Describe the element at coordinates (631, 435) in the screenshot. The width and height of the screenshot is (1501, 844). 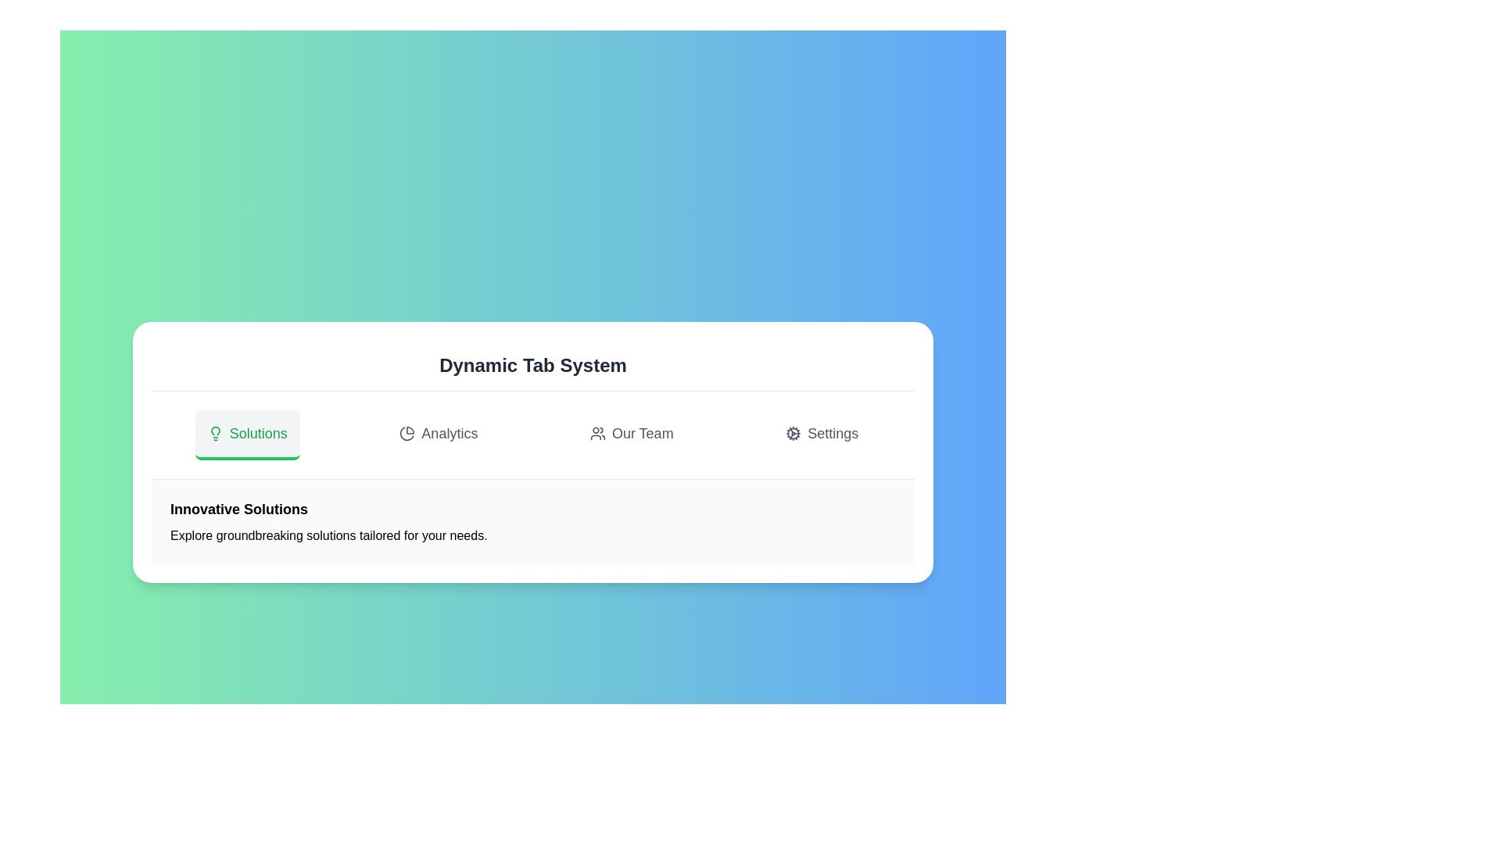
I see `the Navigation Tab located between the 'Analytics' and 'Settings' items in the navigation bar` at that location.